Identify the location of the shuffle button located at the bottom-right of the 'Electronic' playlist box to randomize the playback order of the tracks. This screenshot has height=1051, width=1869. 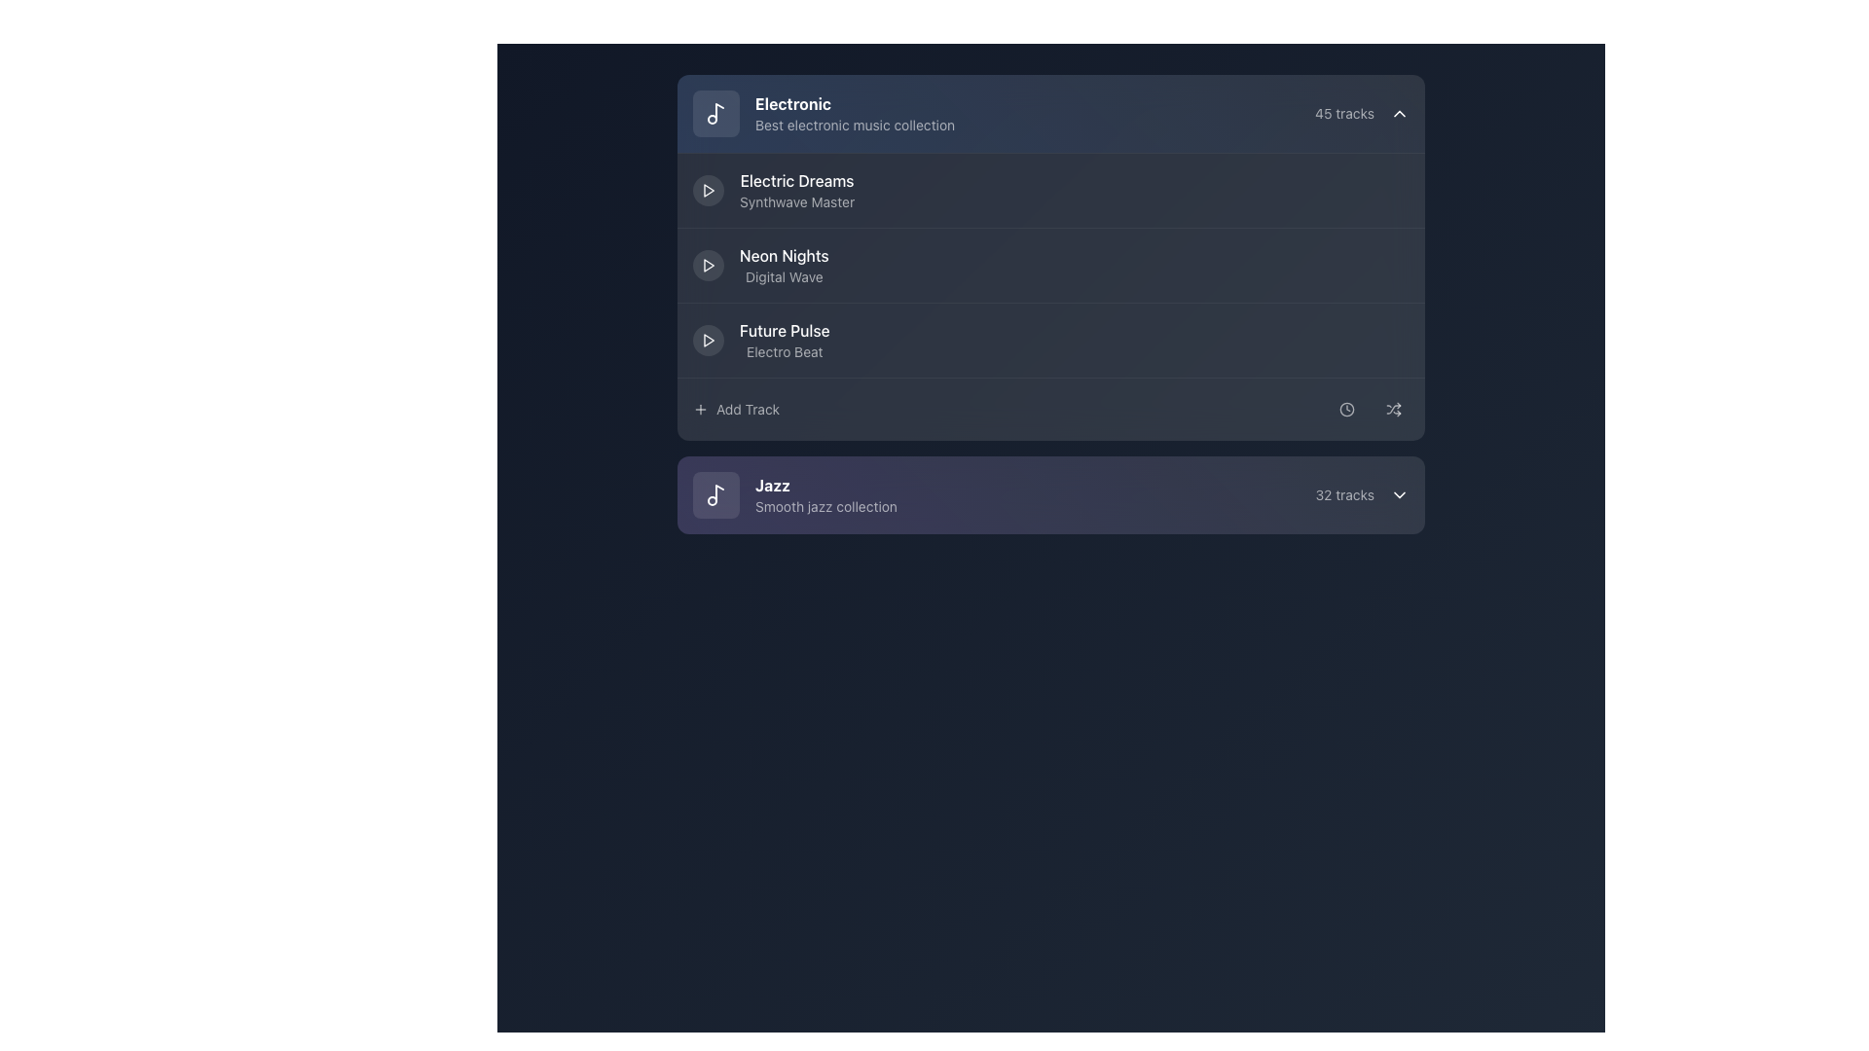
(1392, 408).